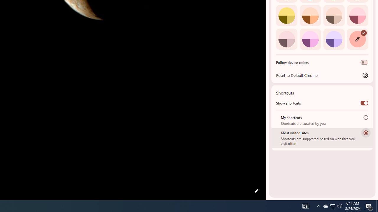  I want to click on 'AutomationID: svg', so click(364, 33).